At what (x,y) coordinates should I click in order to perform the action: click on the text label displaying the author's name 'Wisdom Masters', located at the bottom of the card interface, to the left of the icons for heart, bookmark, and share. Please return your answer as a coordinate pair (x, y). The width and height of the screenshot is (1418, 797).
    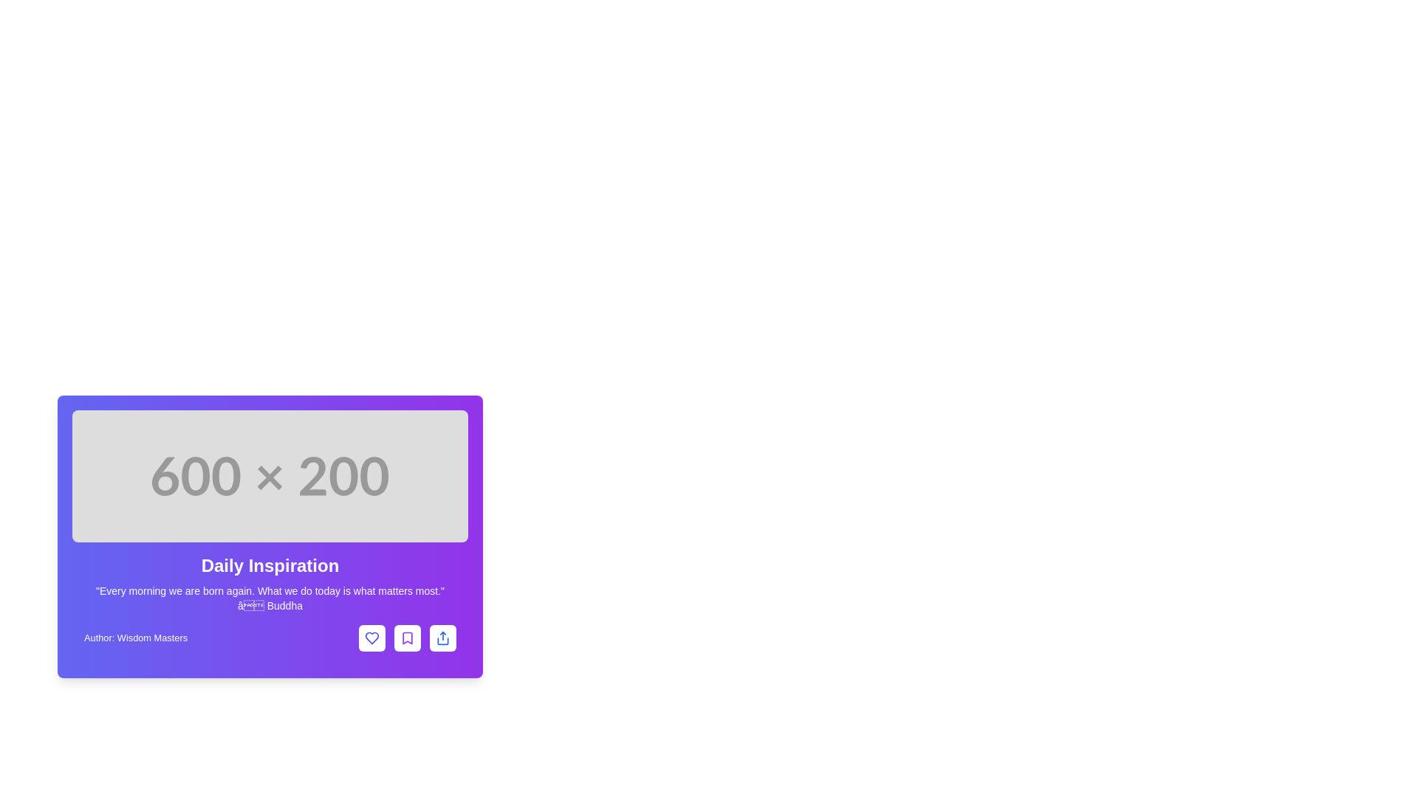
    Looking at the image, I should click on (136, 637).